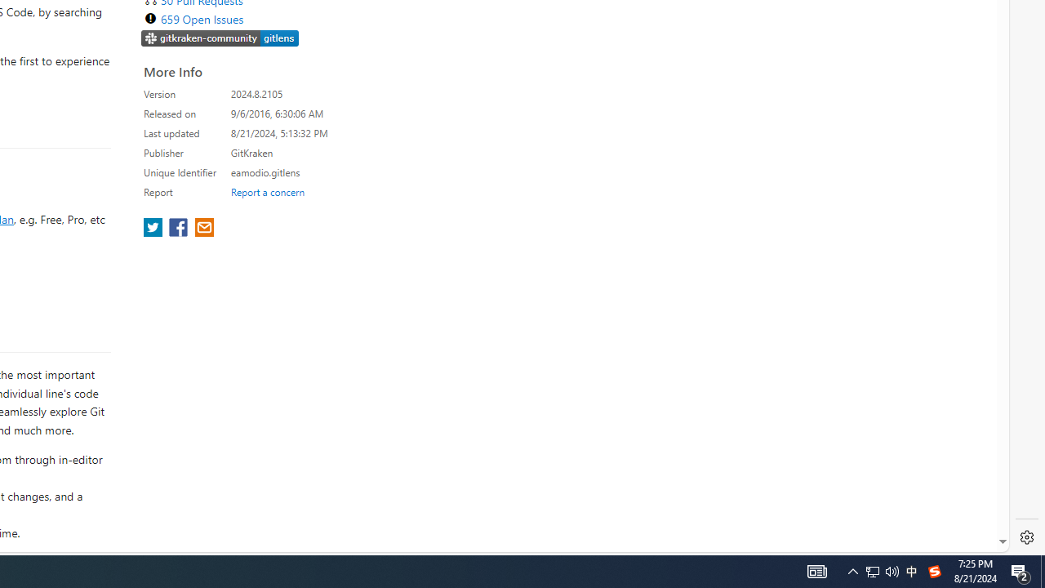 This screenshot has height=588, width=1045. I want to click on 'share extension on twitter', so click(155, 229).